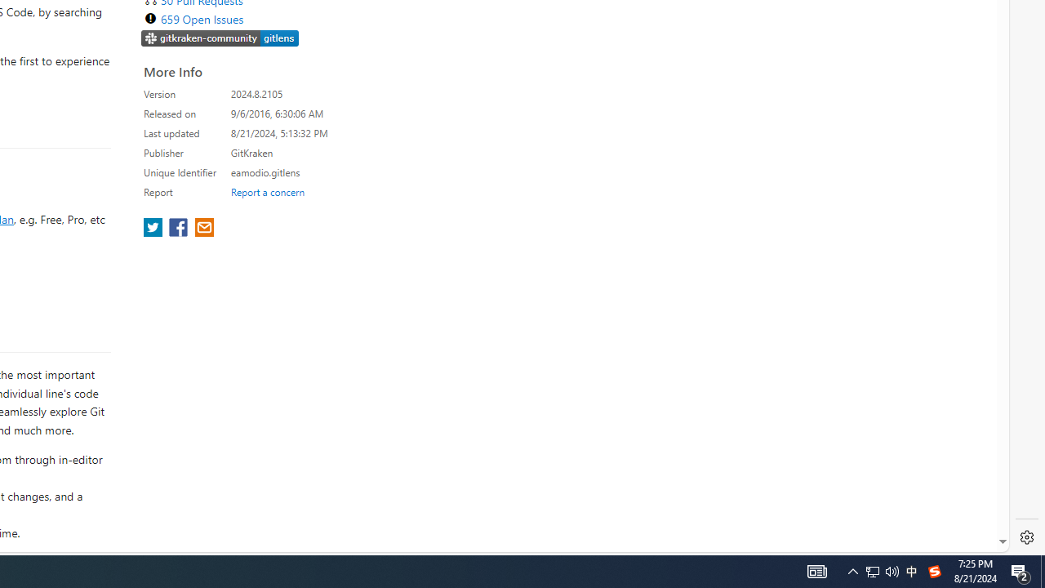 This screenshot has height=588, width=1045. I want to click on 'share extension on twitter', so click(155, 229).